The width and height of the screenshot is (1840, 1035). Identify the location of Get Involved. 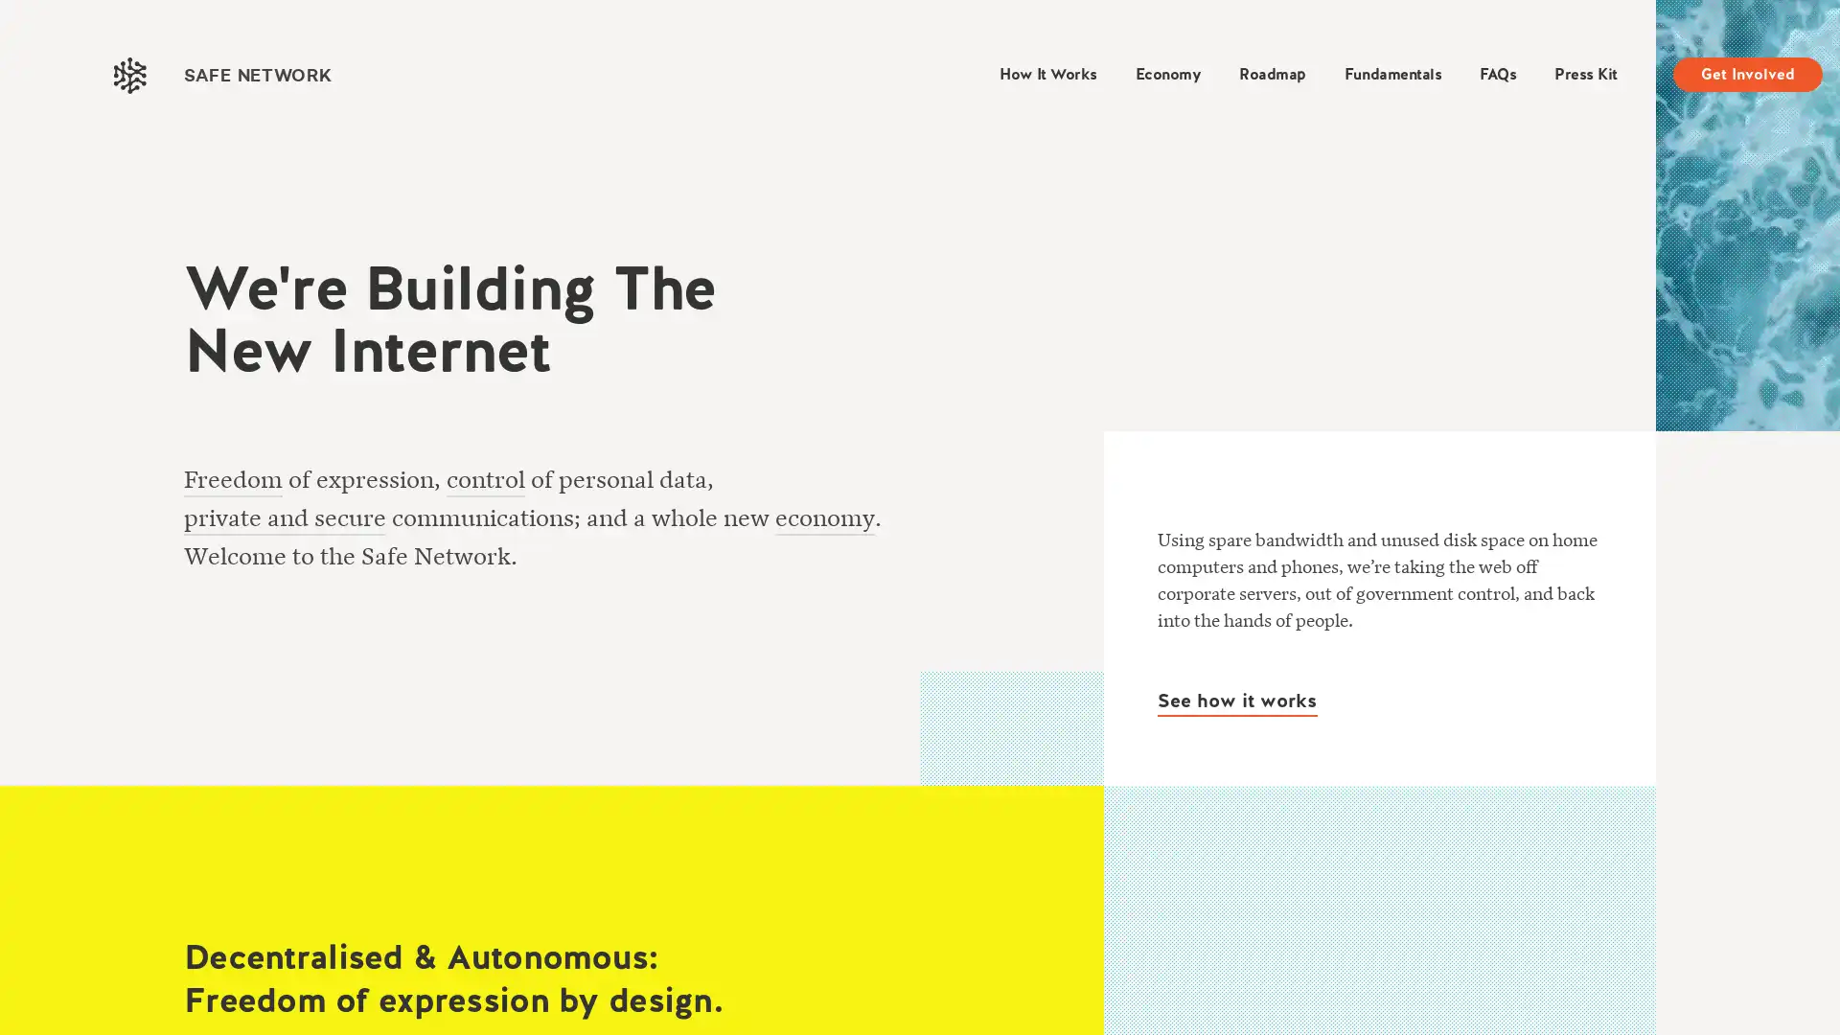
(1748, 73).